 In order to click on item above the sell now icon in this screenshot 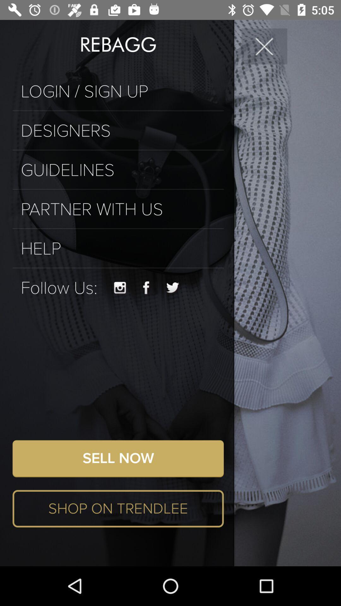, I will do `click(146, 288)`.